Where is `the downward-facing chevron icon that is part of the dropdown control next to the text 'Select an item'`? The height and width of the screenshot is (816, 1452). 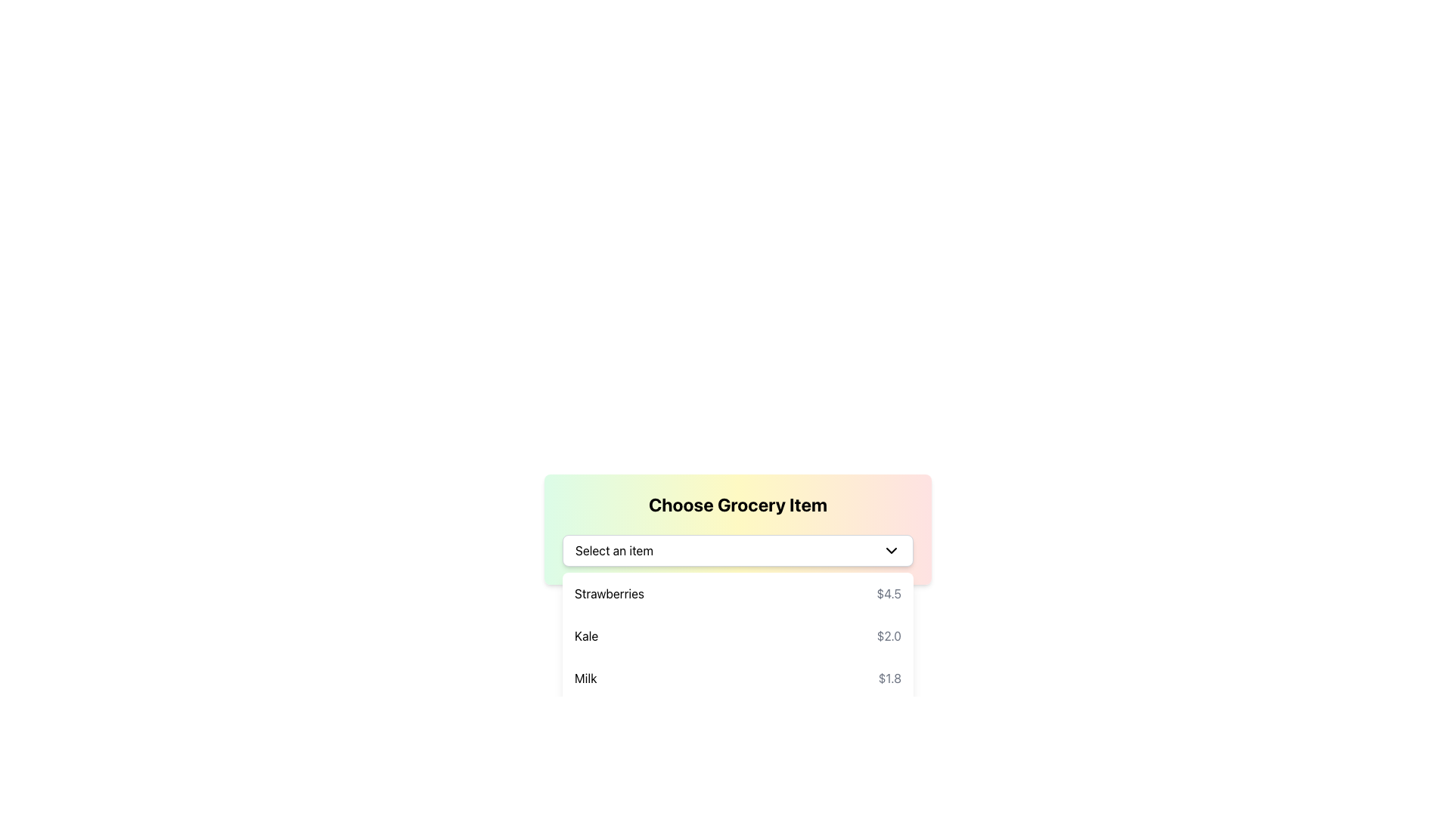 the downward-facing chevron icon that is part of the dropdown control next to the text 'Select an item' is located at coordinates (892, 551).